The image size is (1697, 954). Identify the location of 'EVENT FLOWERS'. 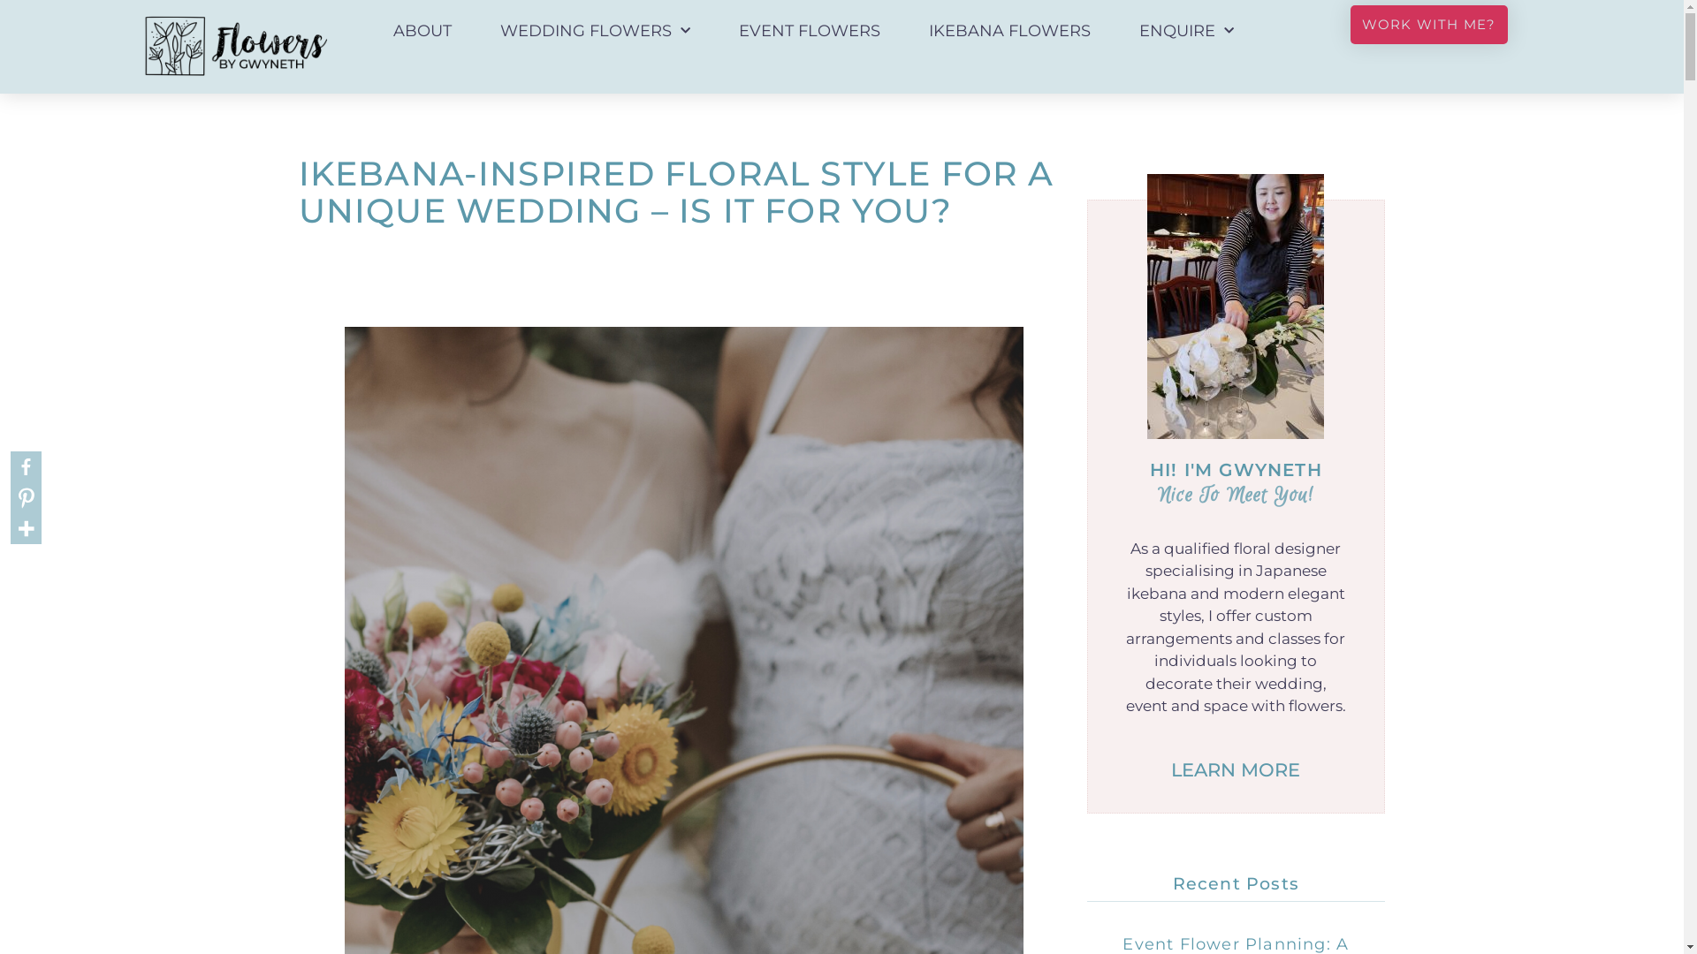
(809, 30).